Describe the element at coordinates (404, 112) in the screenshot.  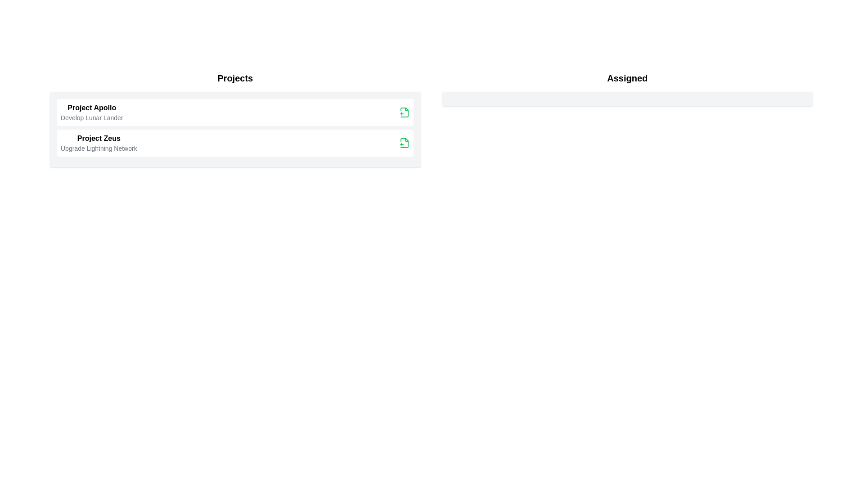
I see `the green icon next to the project to assign it to the 'Assigned' list` at that location.